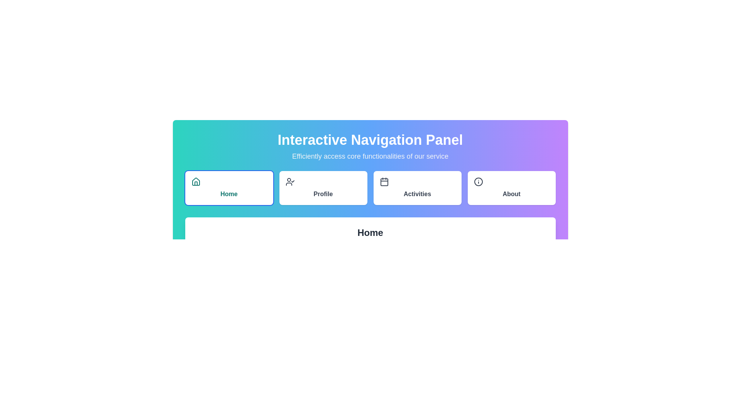 Image resolution: width=741 pixels, height=417 pixels. What do you see at coordinates (196, 183) in the screenshot?
I see `the 'Home' icon located in the navigation panel, which visually represents a house and is situated at the center of the button labeled 'Home'` at bounding box center [196, 183].